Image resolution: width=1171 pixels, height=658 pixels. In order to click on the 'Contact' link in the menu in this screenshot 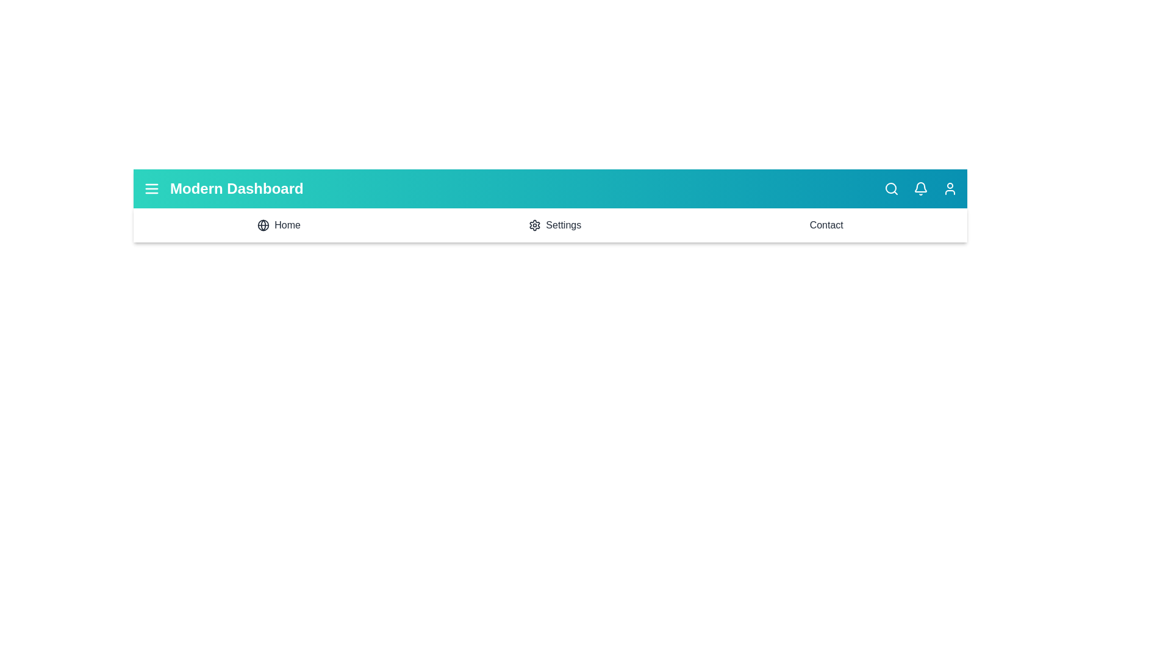, I will do `click(826, 225)`.